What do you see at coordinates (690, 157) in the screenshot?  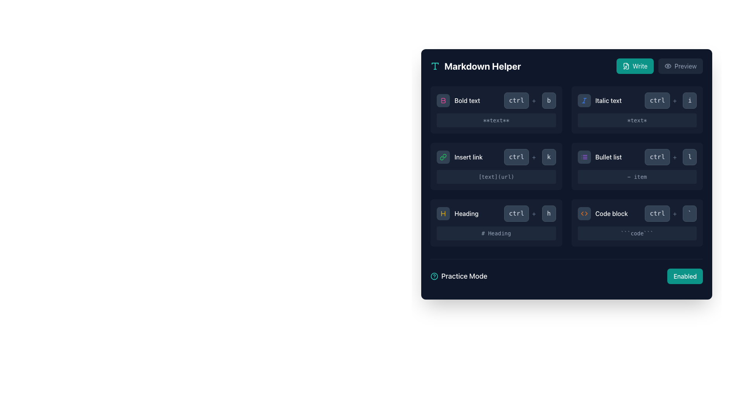 I see `the small rectangular button with a dark slate background and the character 'l', located in the bottom-right corner of the Markdown Helper panel` at bounding box center [690, 157].